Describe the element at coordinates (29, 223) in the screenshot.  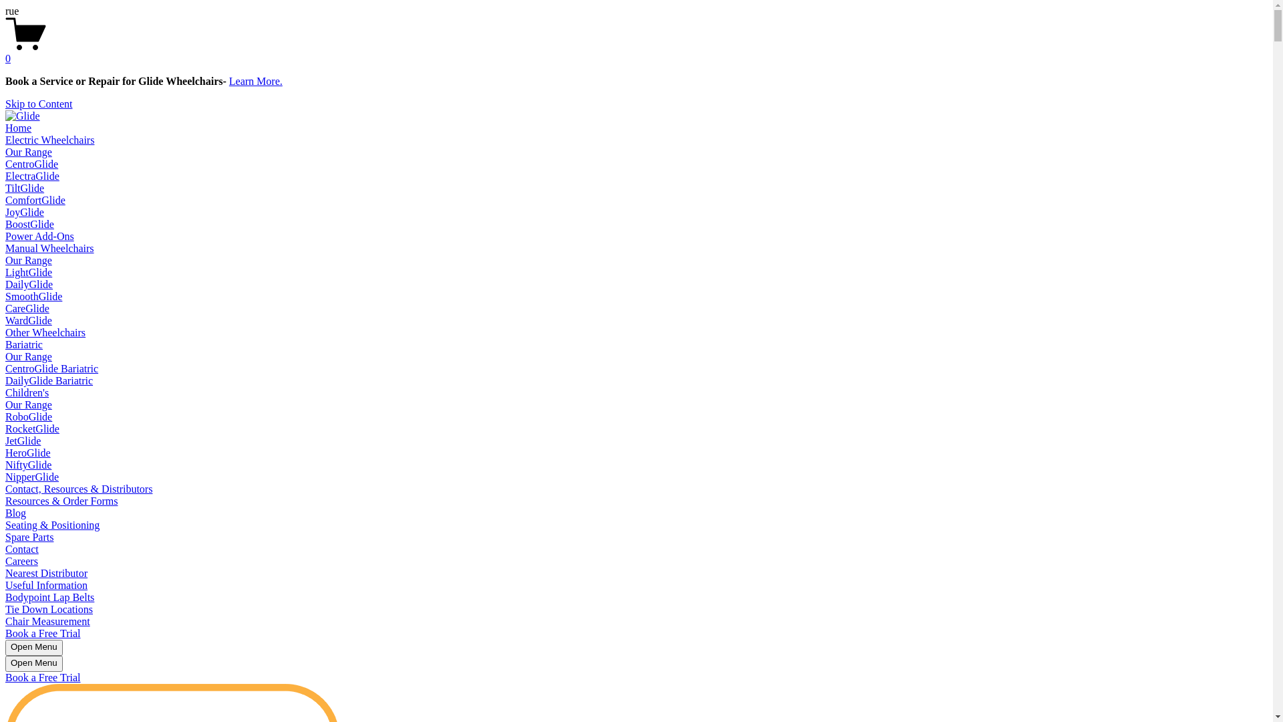
I see `'BoostGlide'` at that location.